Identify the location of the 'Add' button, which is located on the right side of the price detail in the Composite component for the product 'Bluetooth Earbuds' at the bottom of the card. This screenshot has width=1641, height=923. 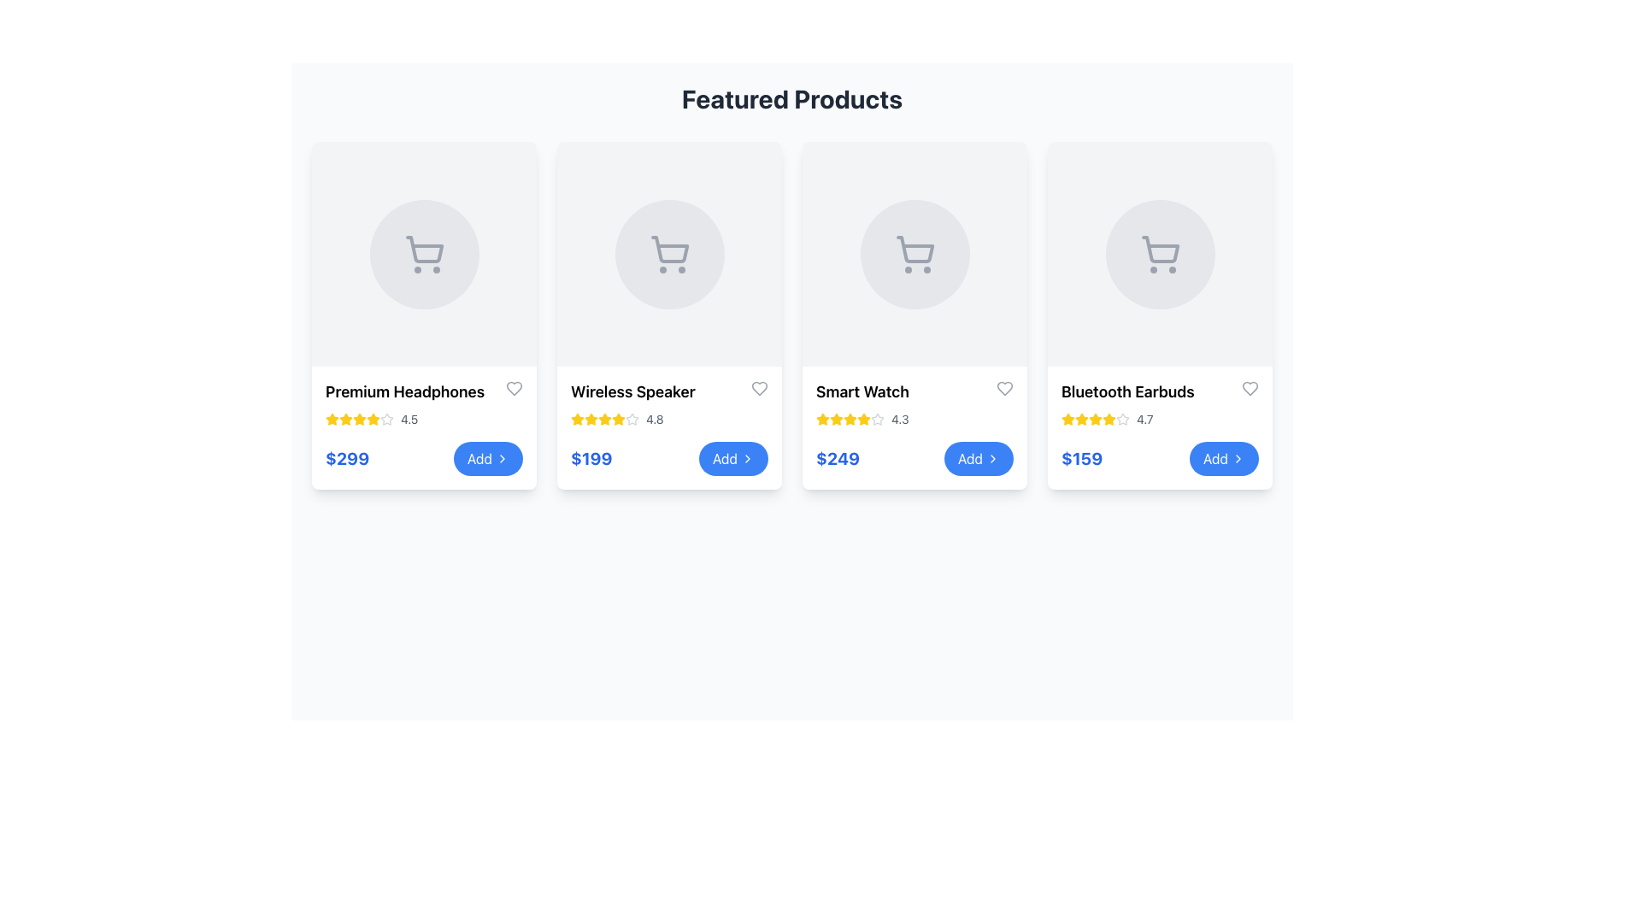
(1160, 457).